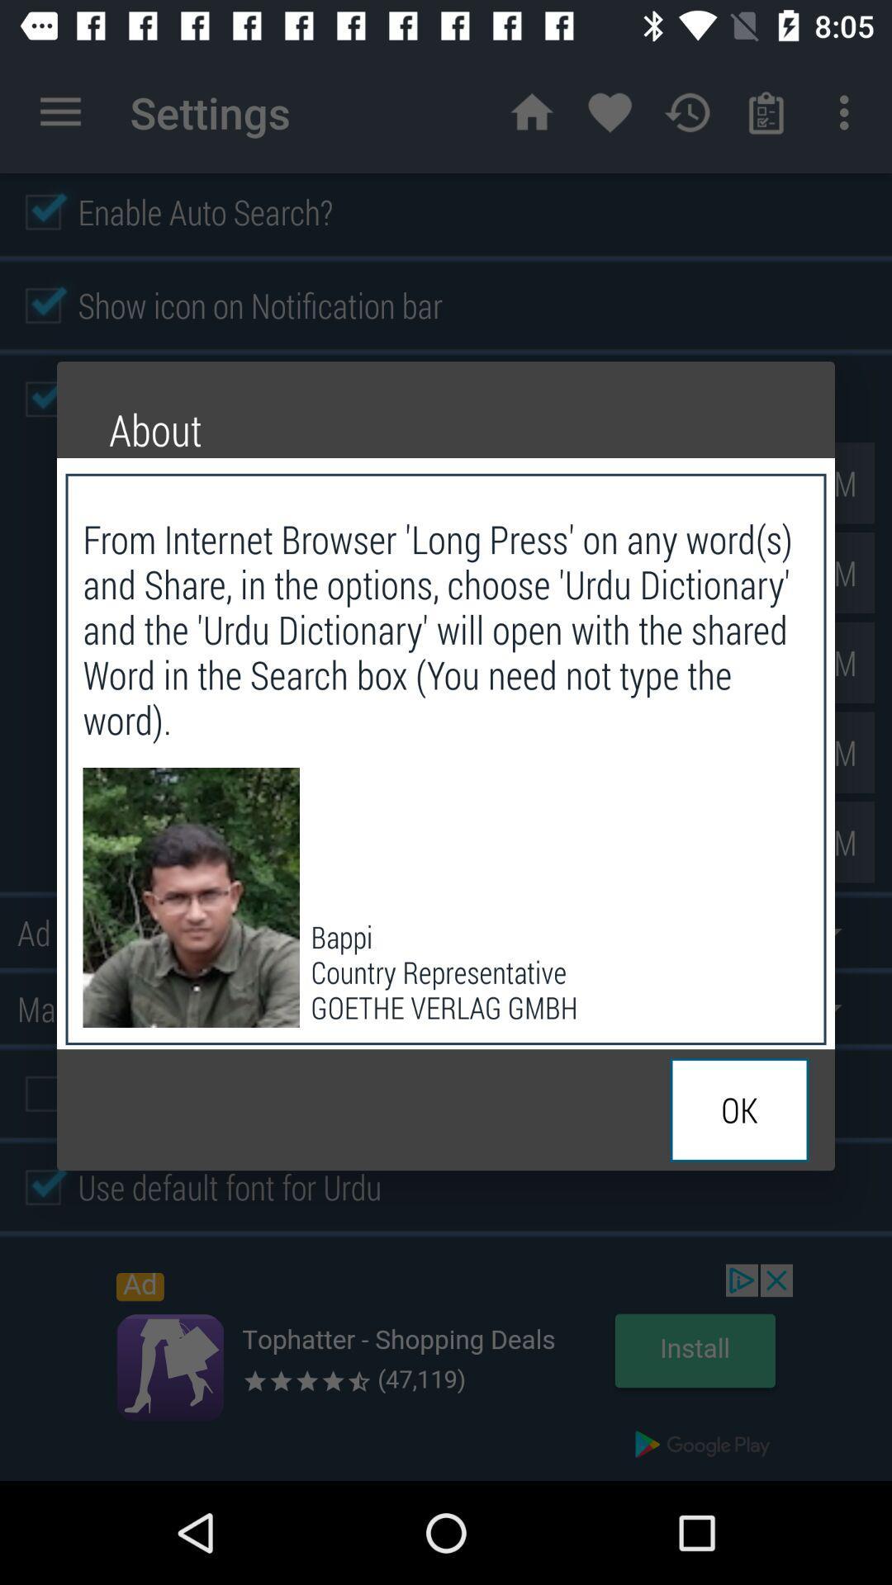 The width and height of the screenshot is (892, 1585). What do you see at coordinates (738, 1109) in the screenshot?
I see `ok at the bottom right corner` at bounding box center [738, 1109].